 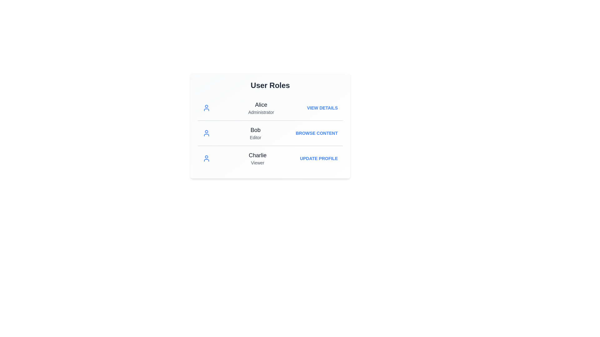 What do you see at coordinates (322, 108) in the screenshot?
I see `the interactive text label styled like a hyperlink or button that displays more detailed information related to 'Alice Administrator', positioned in the middle row of the 'User Roles' table interface` at bounding box center [322, 108].